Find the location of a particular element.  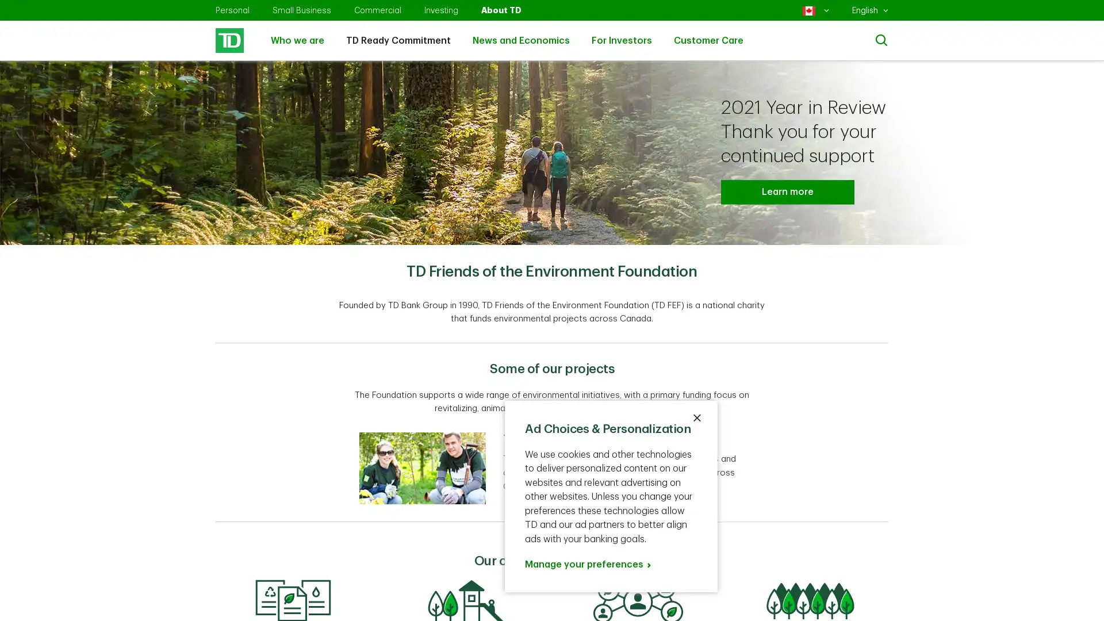

Learn more is located at coordinates (787, 191).